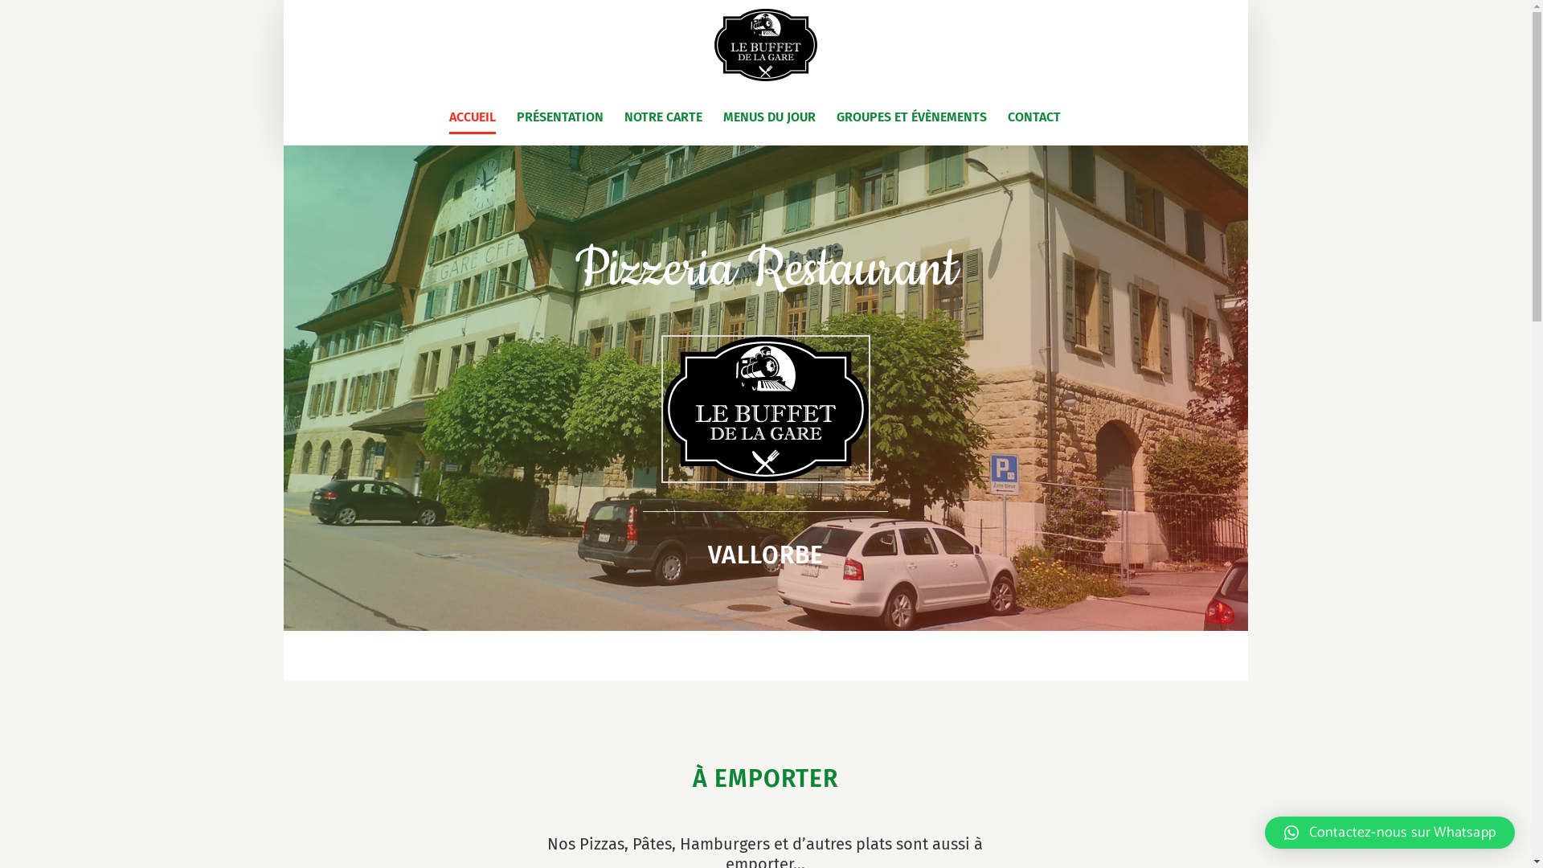  I want to click on 'CONTACT', so click(1033, 117).